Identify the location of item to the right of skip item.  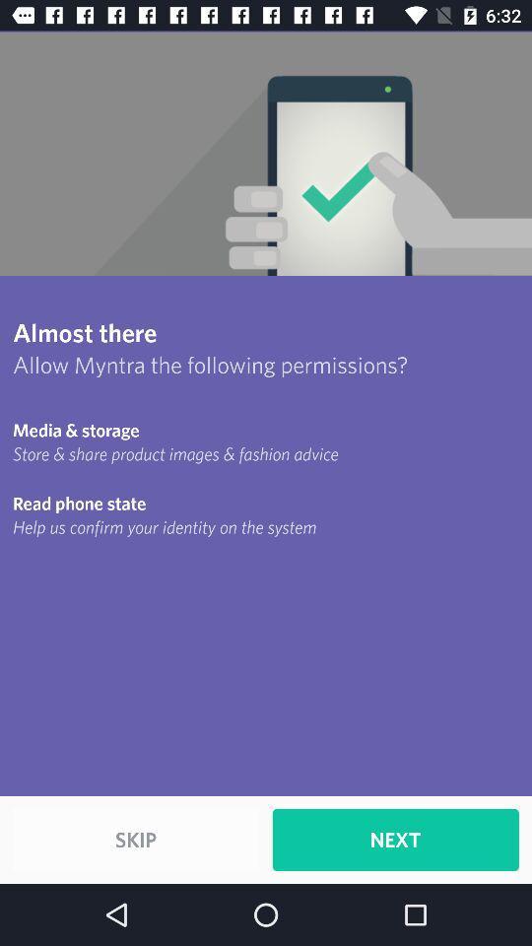
(395, 839).